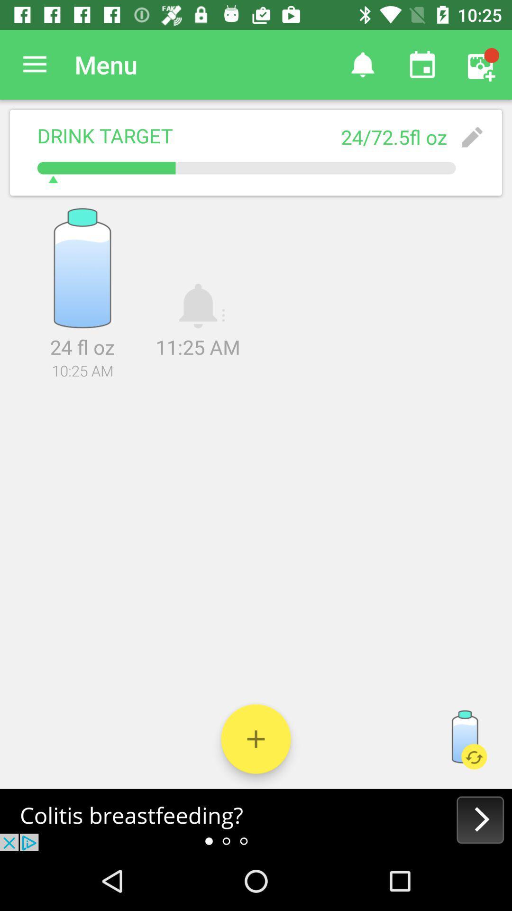  I want to click on select option, so click(256, 738).